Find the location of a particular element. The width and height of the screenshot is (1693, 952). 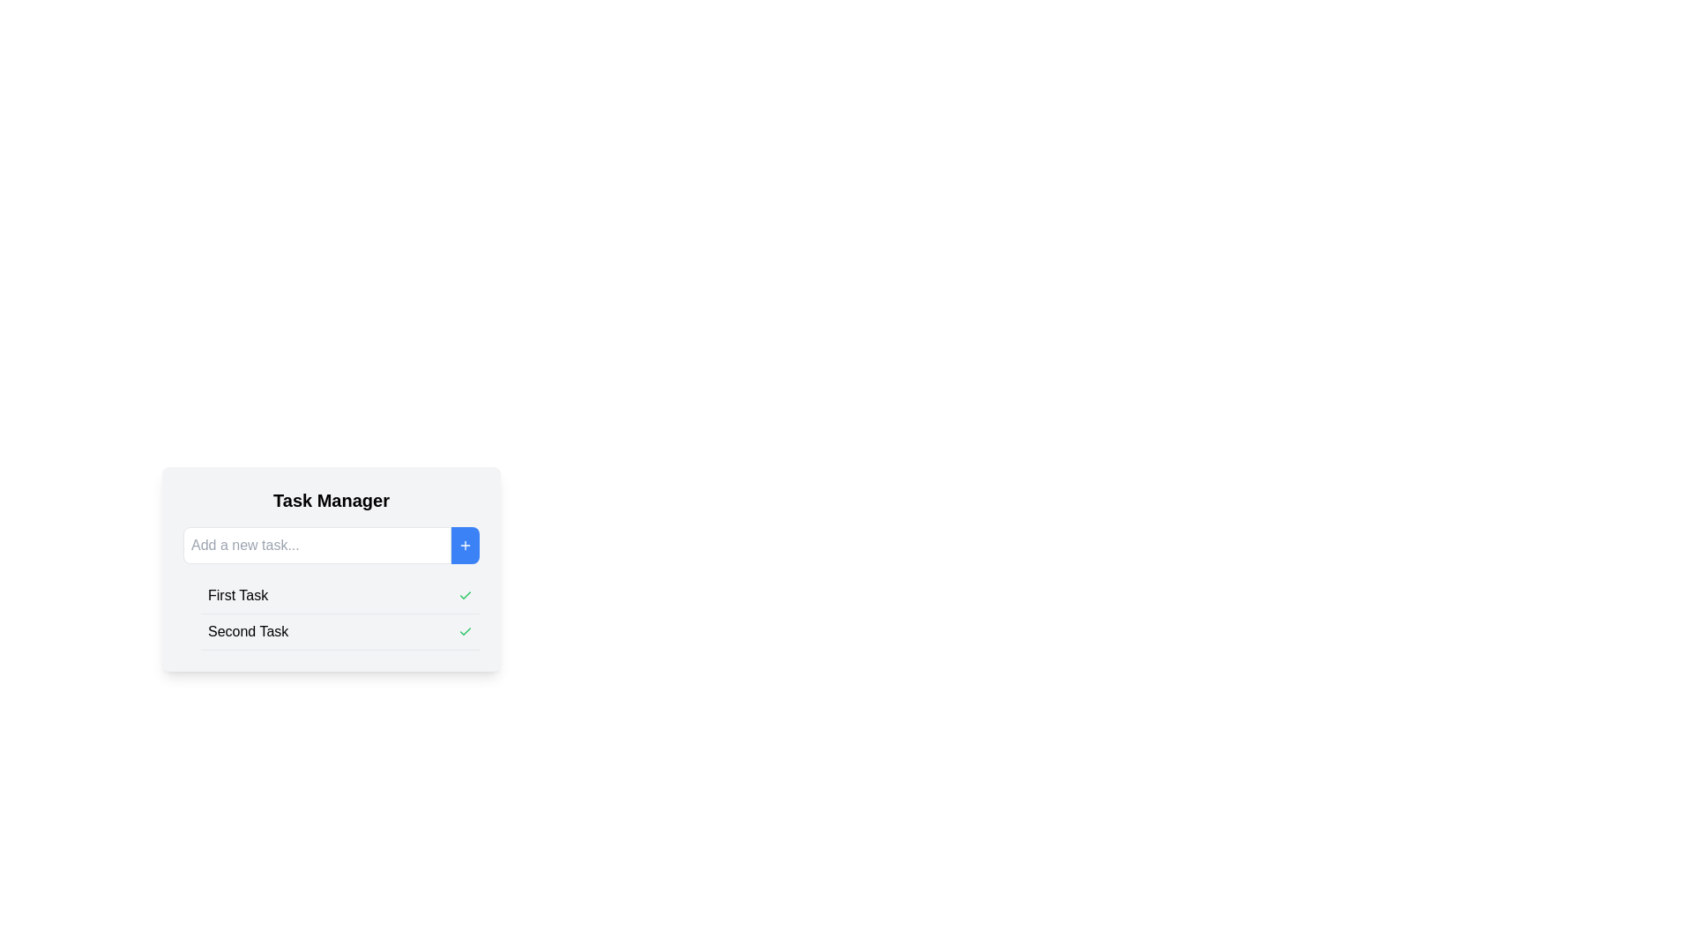

the completion icon located on the far right side of the 'First Task' entry in the task list is located at coordinates (466, 595).